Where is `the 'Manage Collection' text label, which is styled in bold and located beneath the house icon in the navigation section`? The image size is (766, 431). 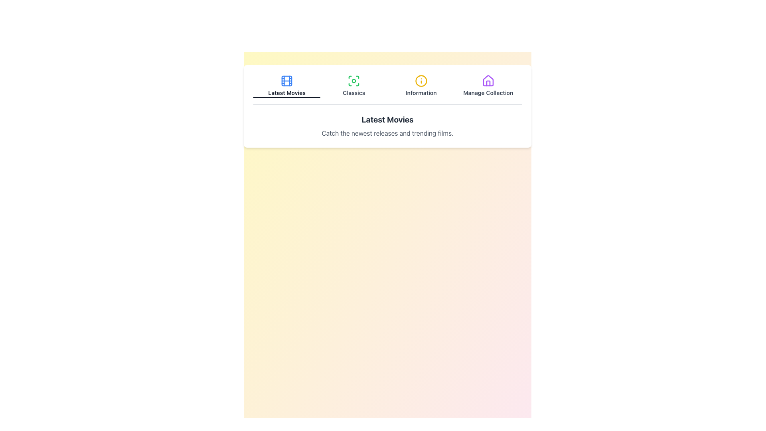 the 'Manage Collection' text label, which is styled in bold and located beneath the house icon in the navigation section is located at coordinates (488, 92).